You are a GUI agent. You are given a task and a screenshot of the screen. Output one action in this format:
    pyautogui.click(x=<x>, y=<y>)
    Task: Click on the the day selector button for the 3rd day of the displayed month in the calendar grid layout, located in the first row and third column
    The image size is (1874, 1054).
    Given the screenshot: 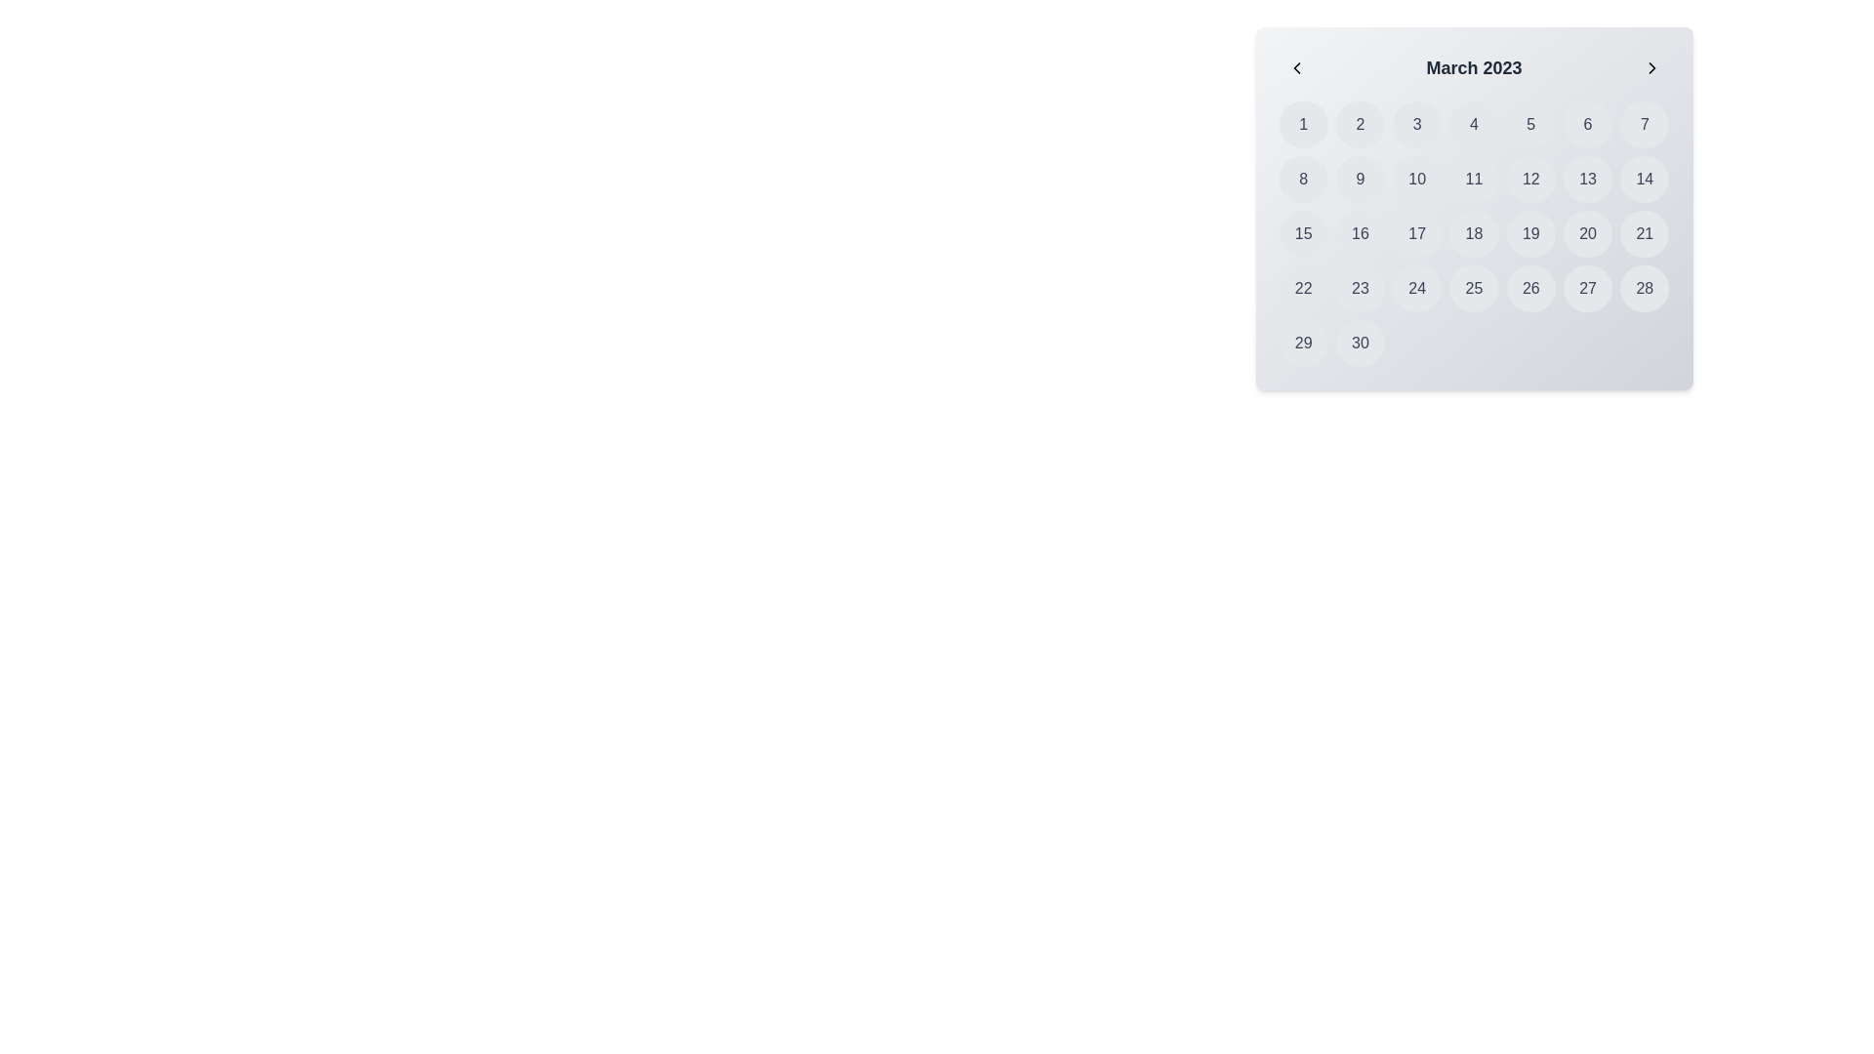 What is the action you would take?
    pyautogui.click(x=1417, y=124)
    